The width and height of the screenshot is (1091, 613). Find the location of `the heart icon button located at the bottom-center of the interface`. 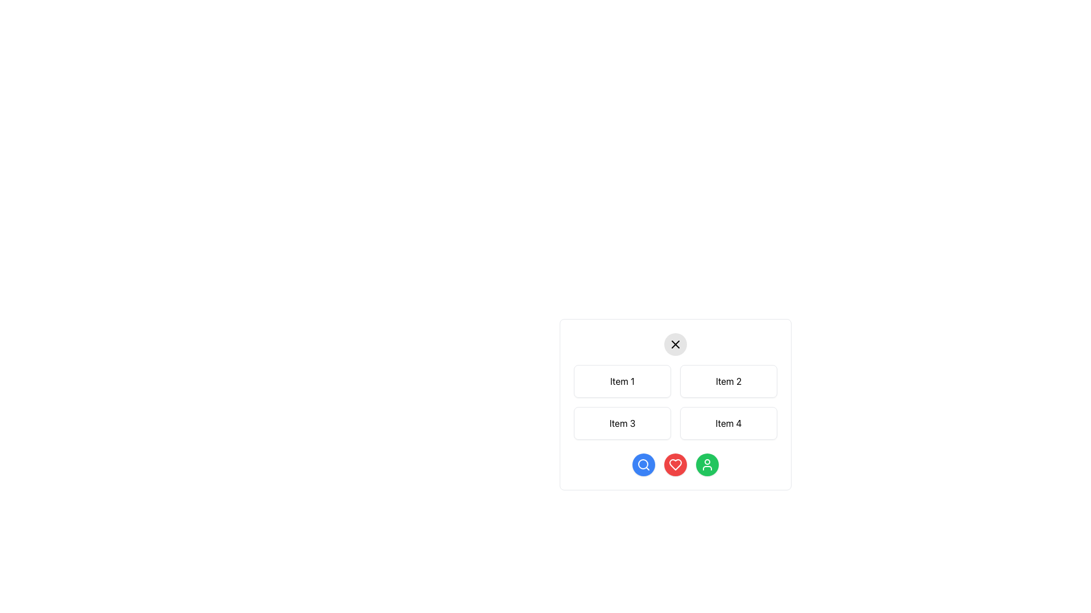

the heart icon button located at the bottom-center of the interface is located at coordinates (676, 464).